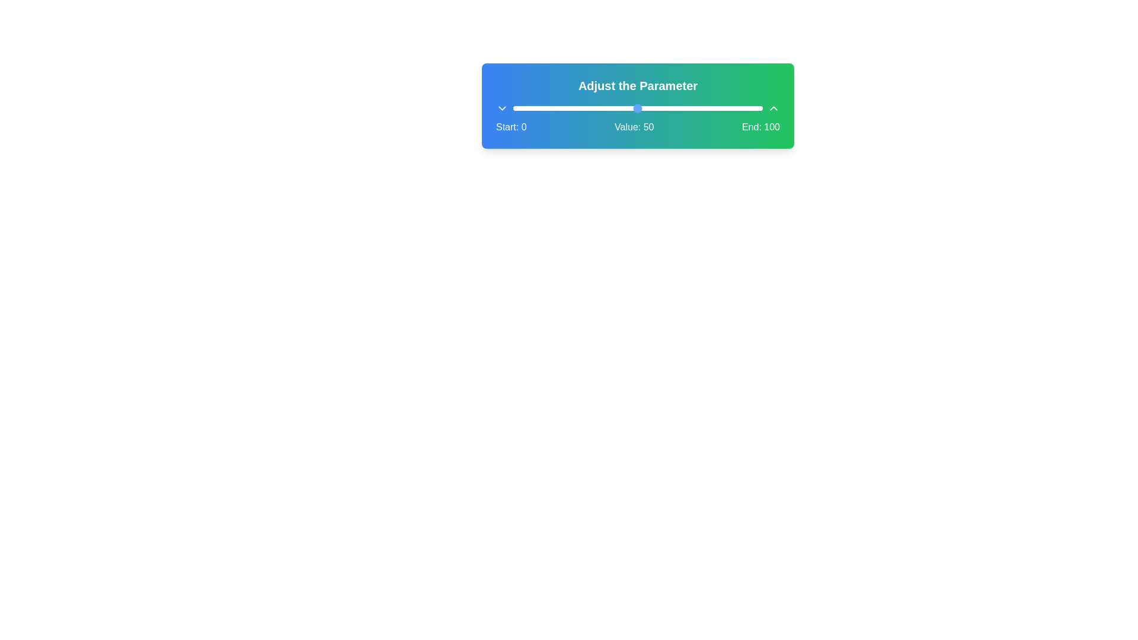 The width and height of the screenshot is (1138, 640). I want to click on the slider, so click(642, 108).